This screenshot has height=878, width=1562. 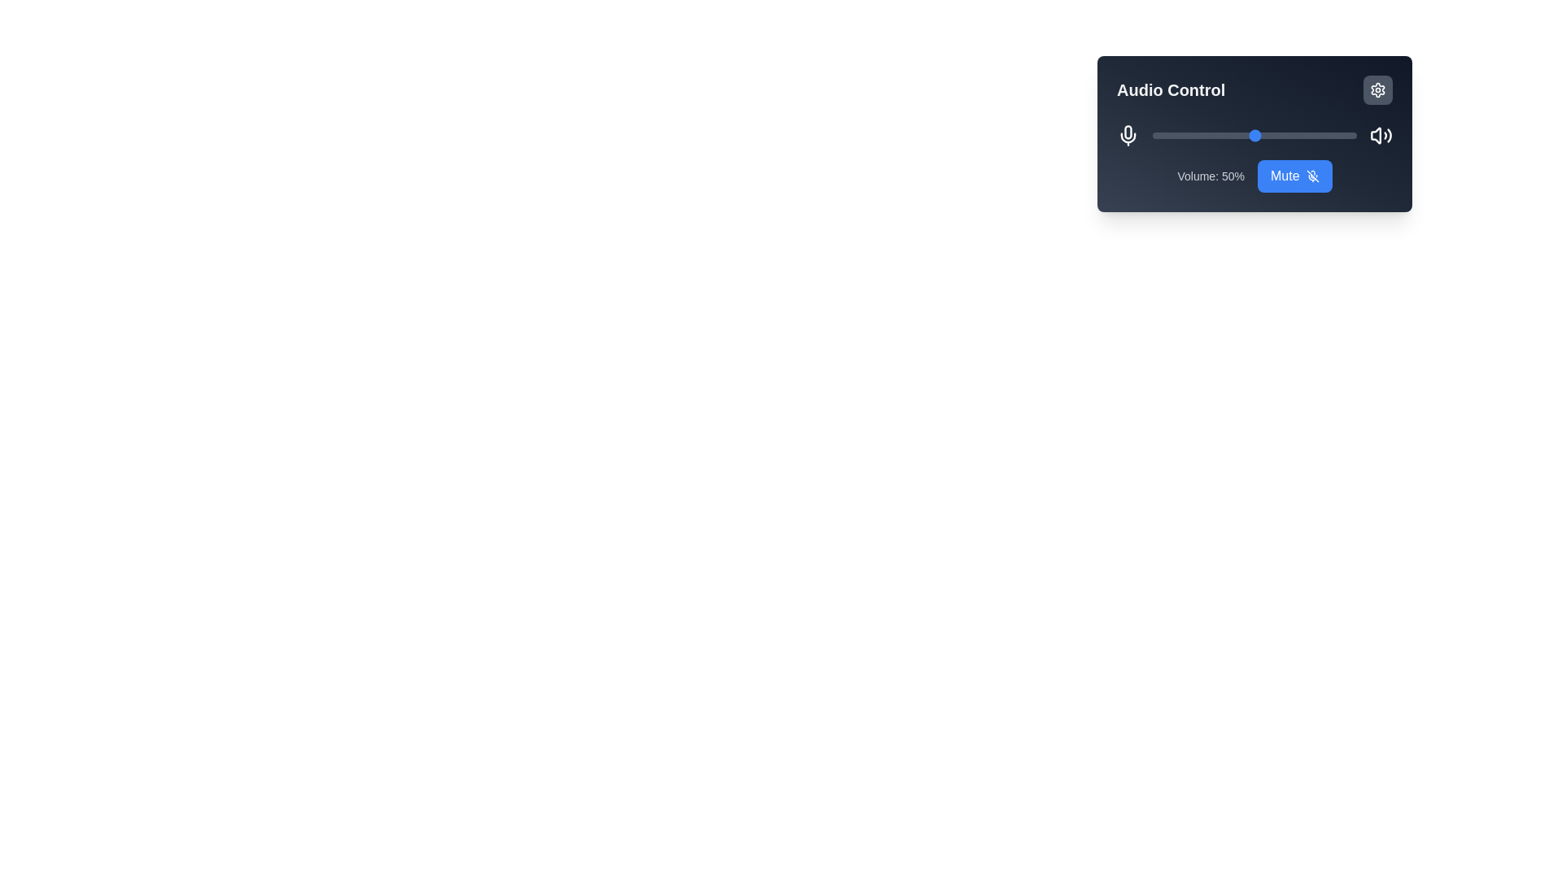 I want to click on the text label displaying 'Volume: 50%' in a gray font, which is located beneath the audio slider interface and to the left of the 'Mute' button, so click(x=1211, y=176).